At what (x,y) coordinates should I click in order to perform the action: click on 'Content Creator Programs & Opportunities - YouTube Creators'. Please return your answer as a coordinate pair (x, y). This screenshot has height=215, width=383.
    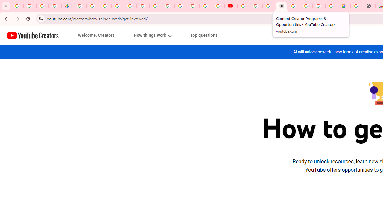
    Looking at the image, I should click on (281, 6).